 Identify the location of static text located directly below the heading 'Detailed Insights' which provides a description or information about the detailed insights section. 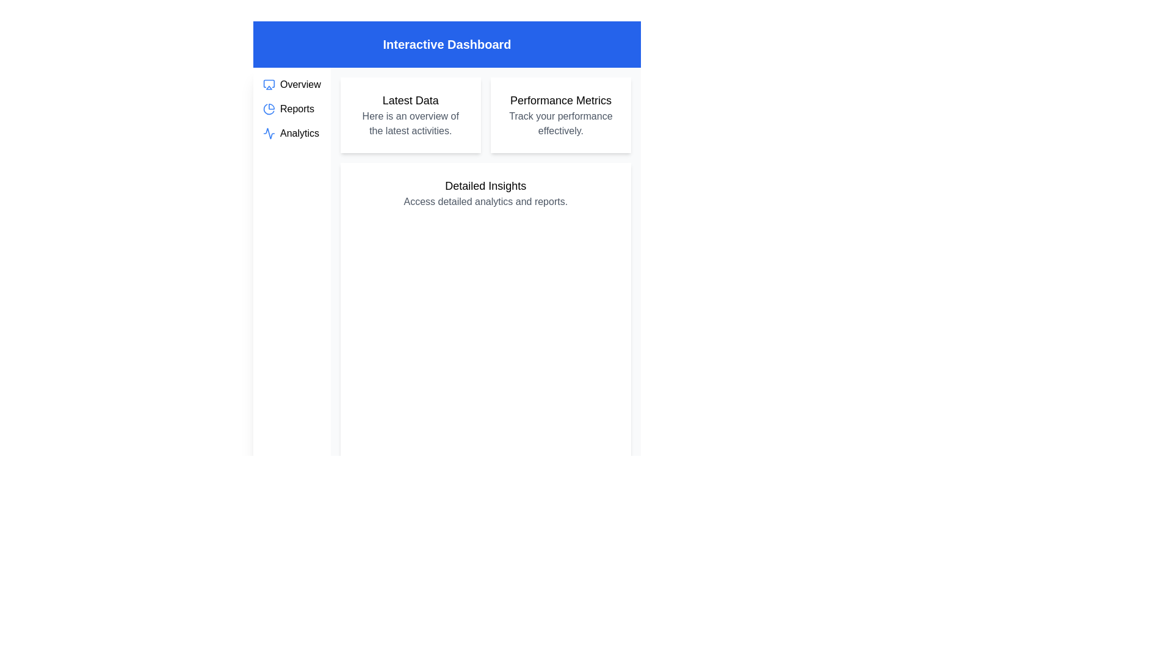
(485, 201).